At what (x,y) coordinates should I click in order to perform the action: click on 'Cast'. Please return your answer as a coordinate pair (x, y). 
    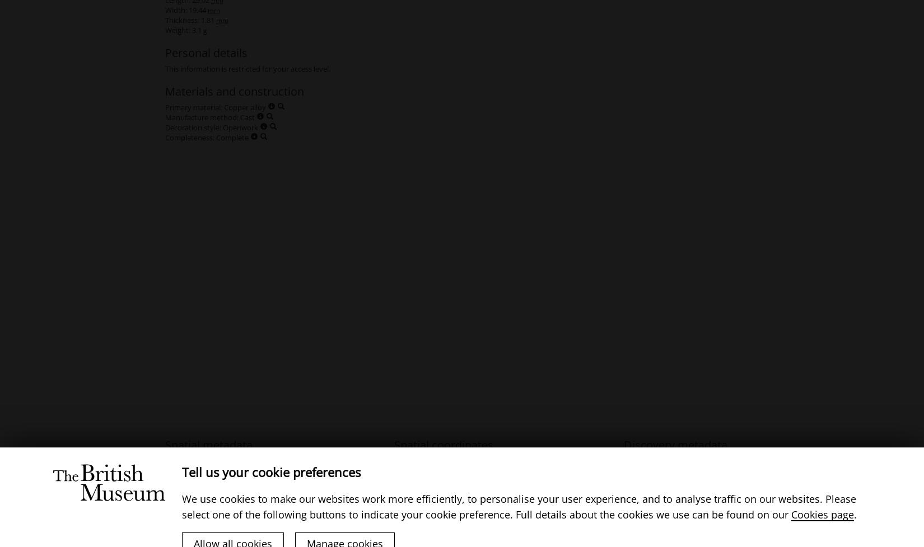
    Looking at the image, I should click on (247, 117).